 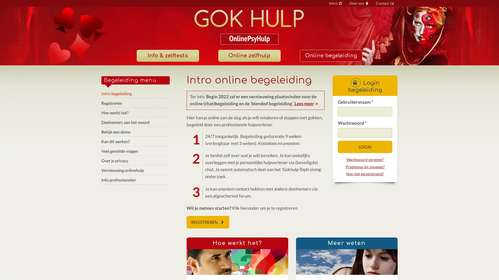 What do you see at coordinates (330, 56) in the screenshot?
I see `Online begeleiding` at bounding box center [330, 56].